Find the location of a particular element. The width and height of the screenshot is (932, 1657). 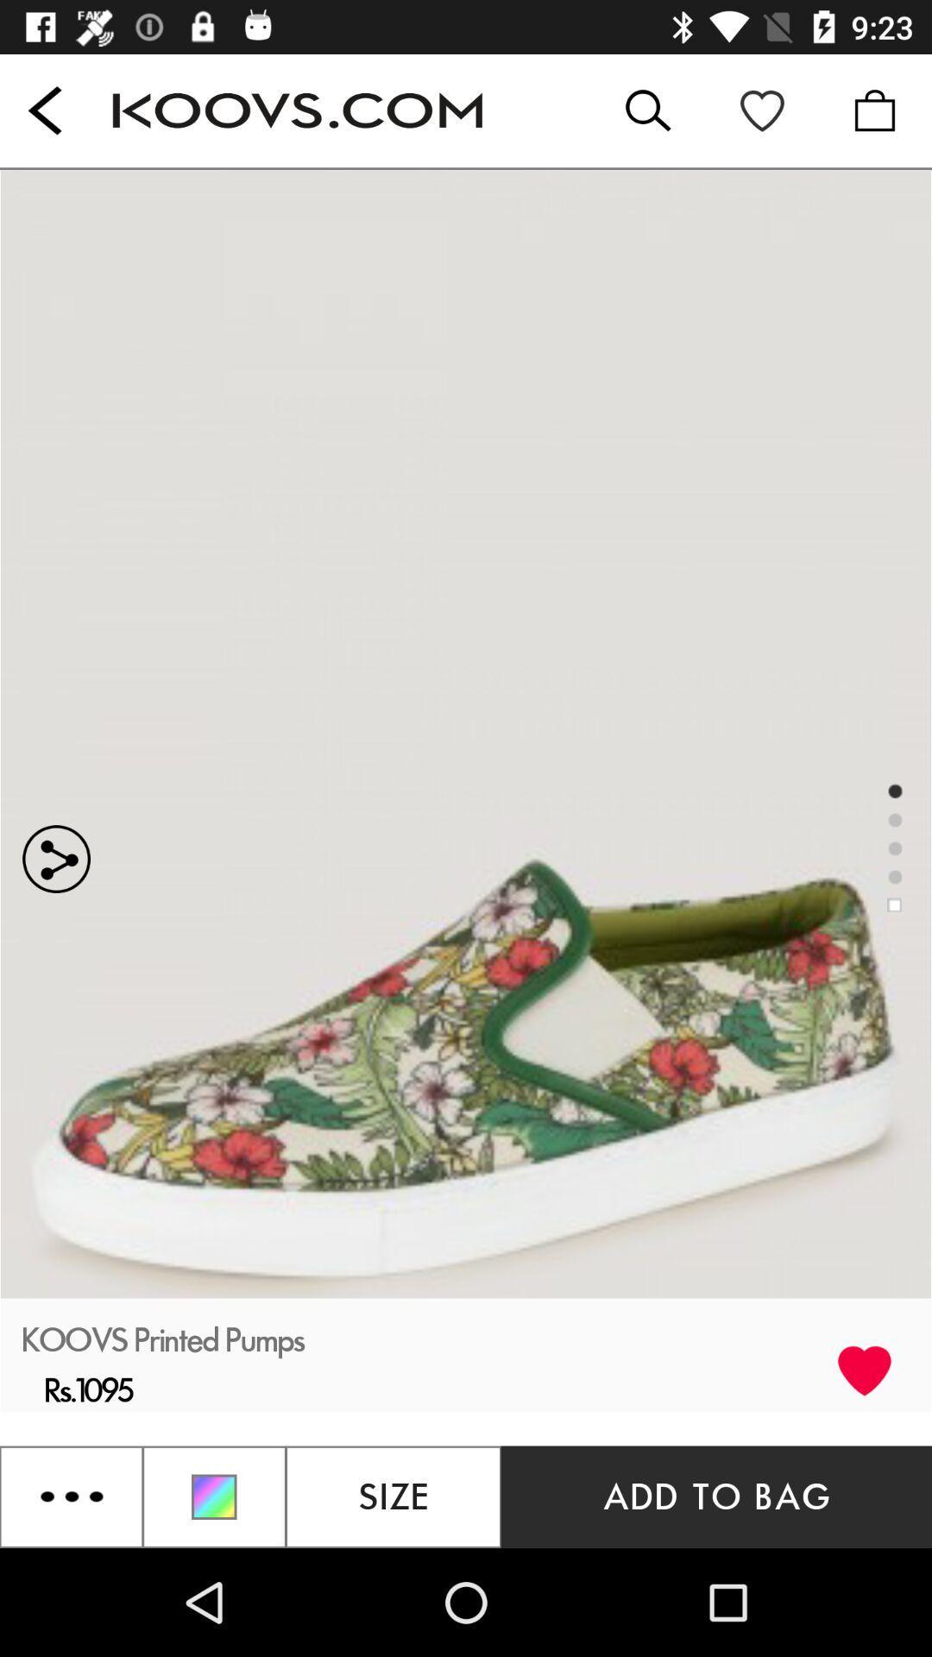

the button at the right side bottom of the page is located at coordinates (716, 1496).